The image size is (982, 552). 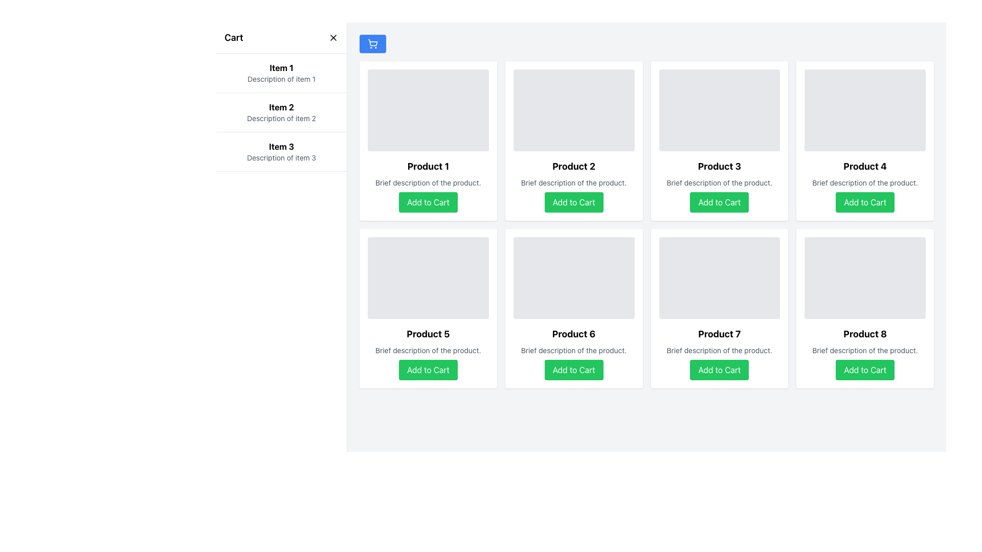 What do you see at coordinates (574, 166) in the screenshot?
I see `text content of the product title label located in the second product card of the first row, situated below the placeholder image and above the description and 'Add to Cart' button` at bounding box center [574, 166].